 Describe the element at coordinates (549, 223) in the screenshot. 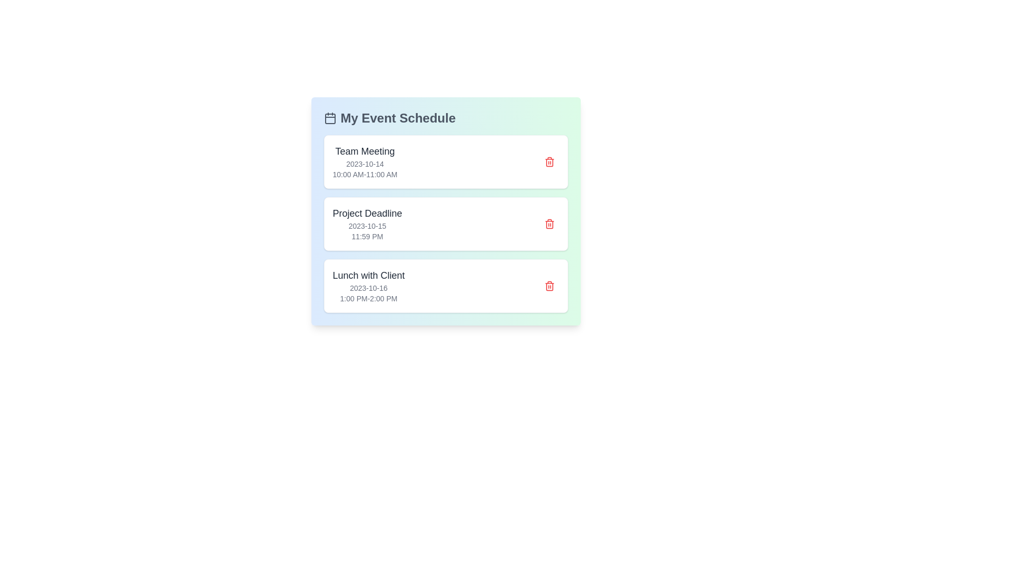

I see `the delete button for the event labeled 'Project Deadline'` at that location.